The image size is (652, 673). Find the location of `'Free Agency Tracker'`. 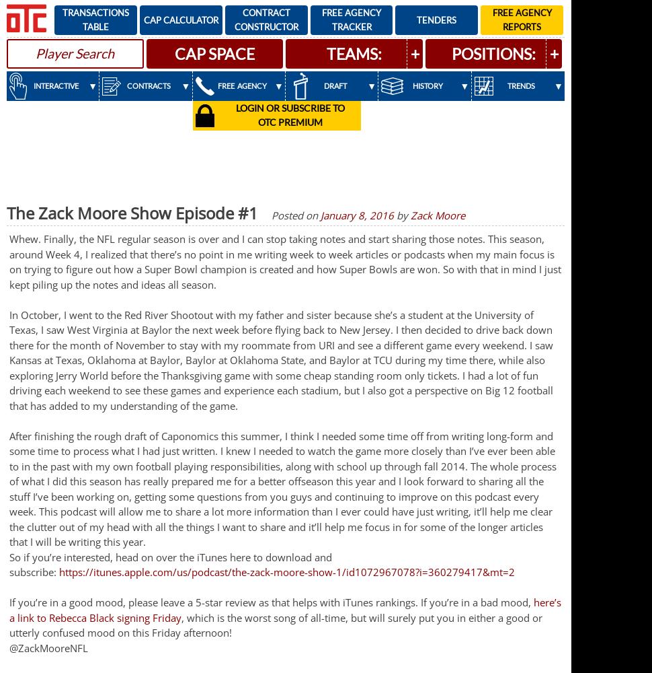

'Free Agency Tracker' is located at coordinates (352, 20).